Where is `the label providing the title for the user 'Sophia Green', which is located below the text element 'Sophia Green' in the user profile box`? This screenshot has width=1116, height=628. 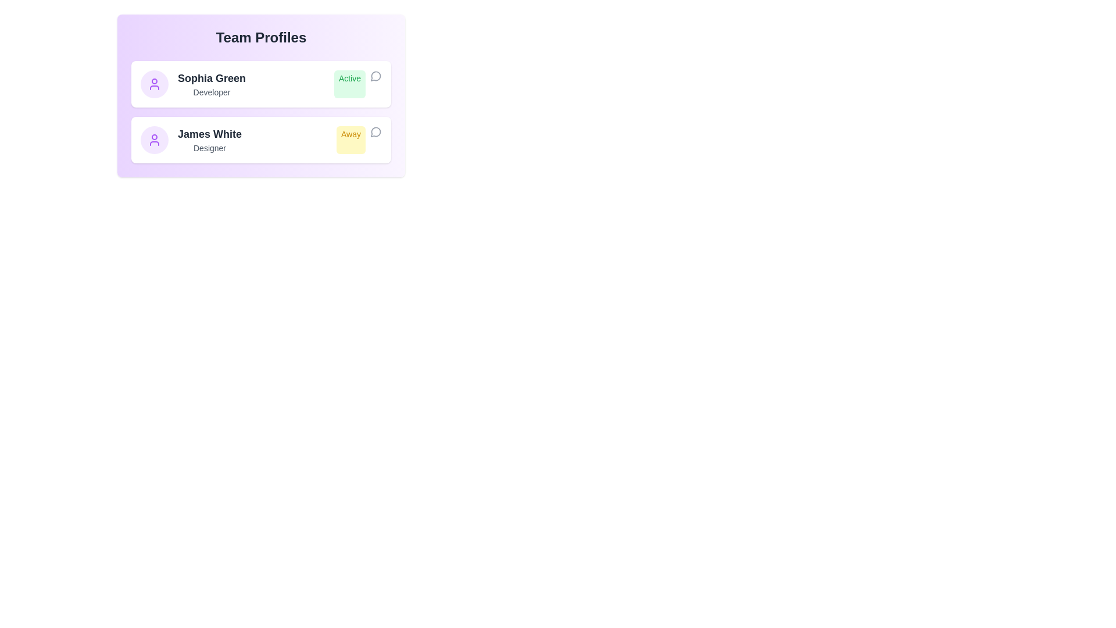
the label providing the title for the user 'Sophia Green', which is located below the text element 'Sophia Green' in the user profile box is located at coordinates (212, 91).